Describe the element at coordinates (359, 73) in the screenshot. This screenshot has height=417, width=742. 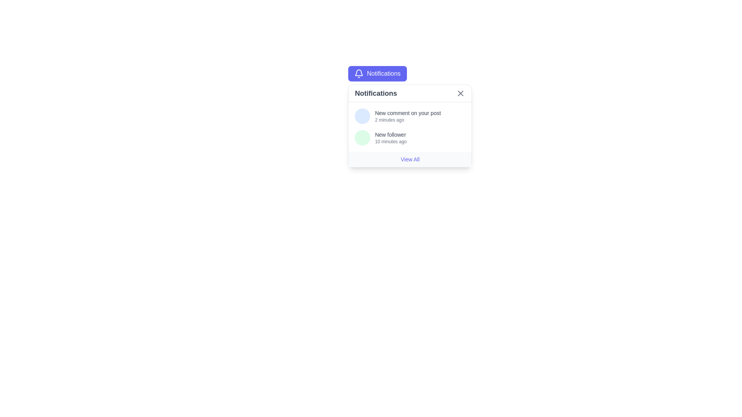
I see `the bell-shaped vector graphic icon that indicates notification functionalities within the application, located at the upper section of the notification control area` at that location.